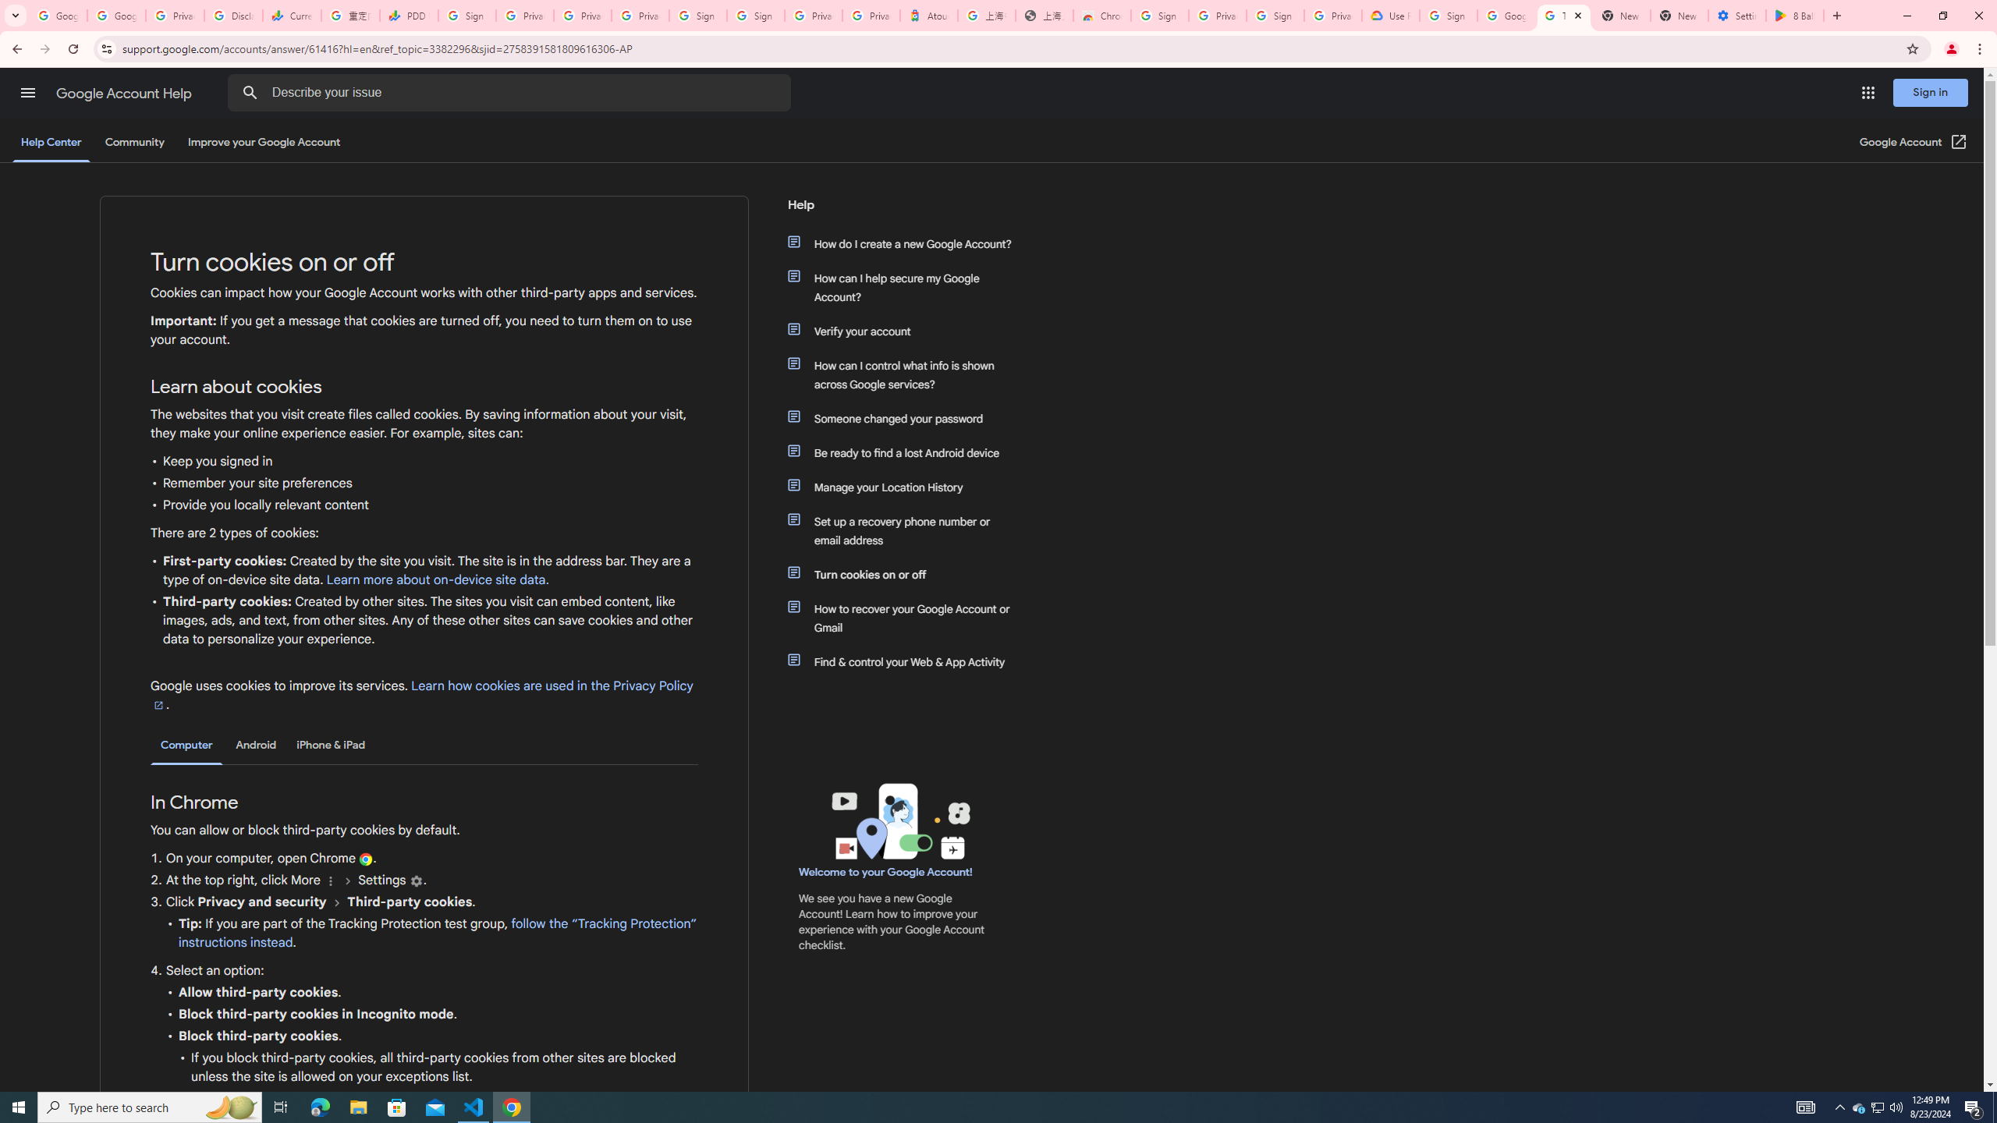 This screenshot has width=1997, height=1123. I want to click on 'Android', so click(255, 744).